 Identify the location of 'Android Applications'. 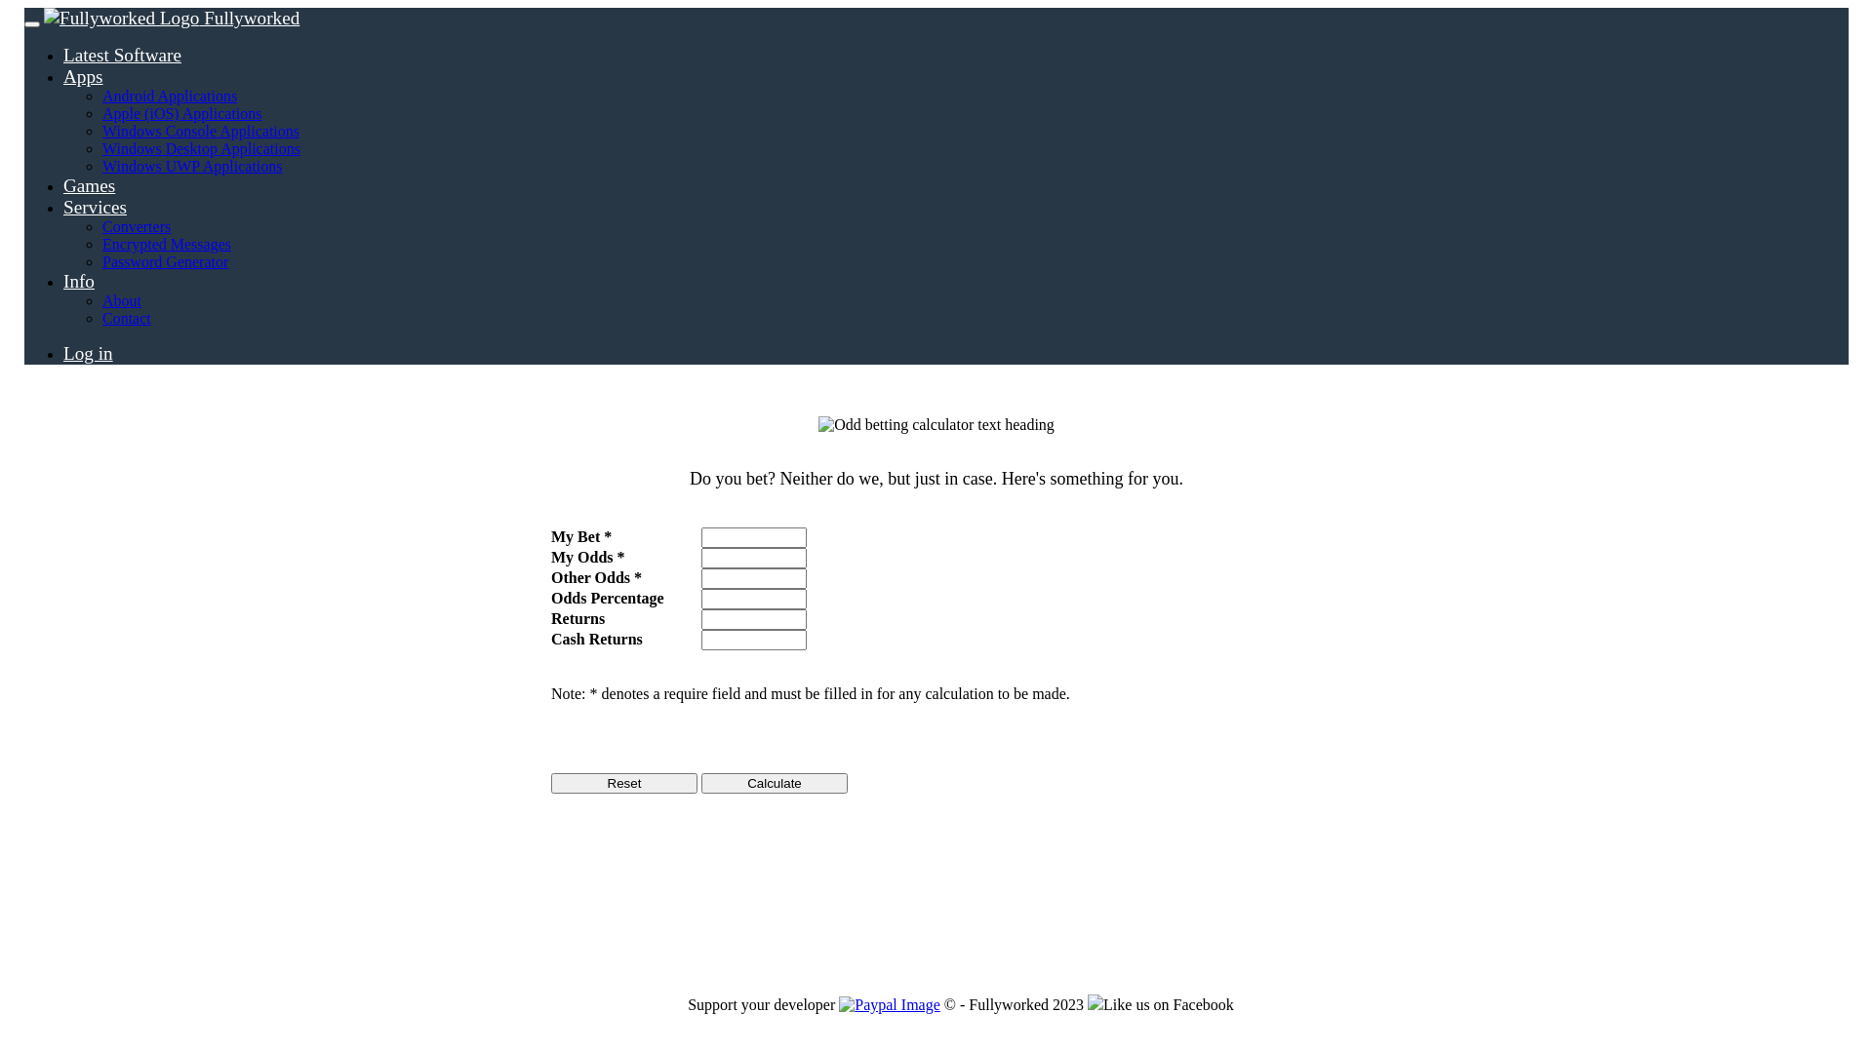
(101, 96).